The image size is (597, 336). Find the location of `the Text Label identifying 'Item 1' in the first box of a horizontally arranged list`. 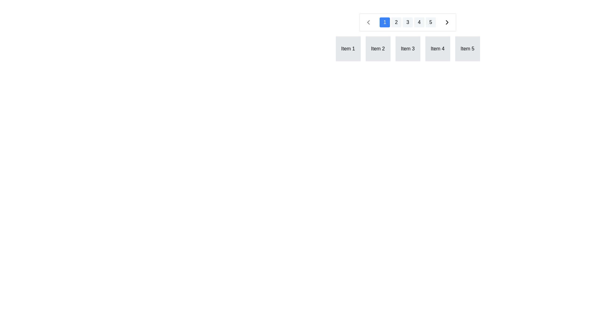

the Text Label identifying 'Item 1' in the first box of a horizontally arranged list is located at coordinates (348, 49).